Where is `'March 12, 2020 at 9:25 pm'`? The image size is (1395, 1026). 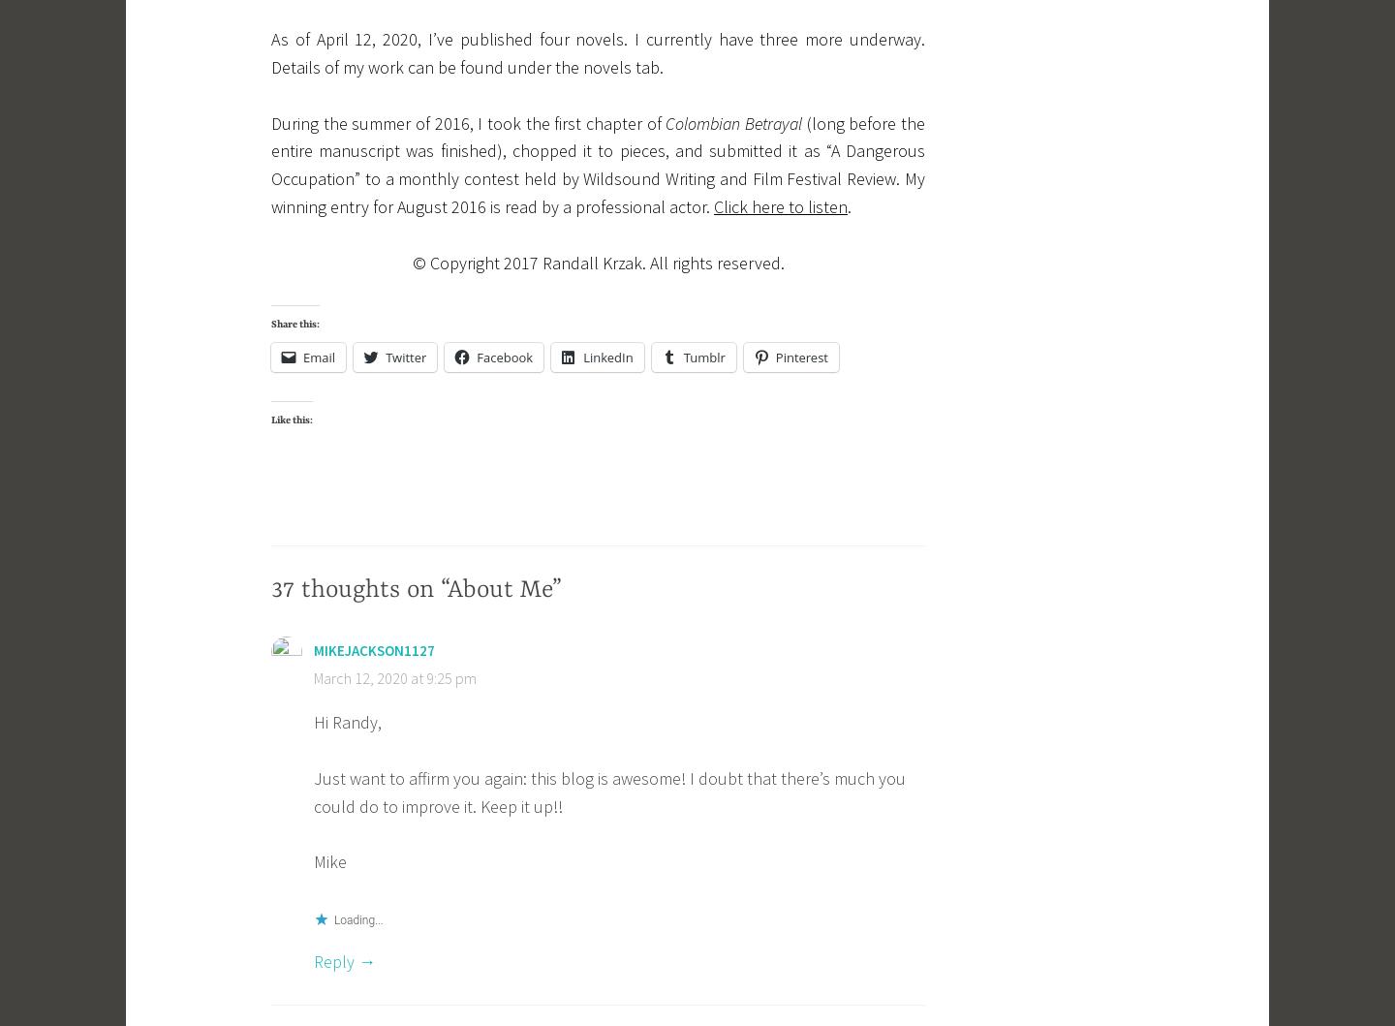
'March 12, 2020 at 9:25 pm' is located at coordinates (393, 677).